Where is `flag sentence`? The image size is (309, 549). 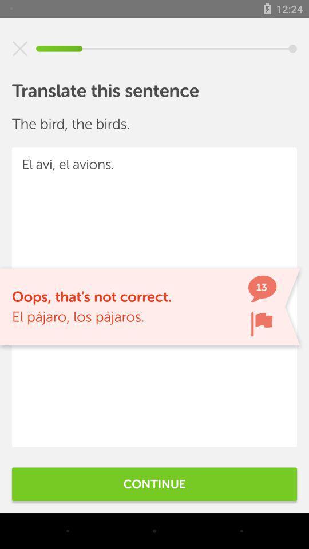
flag sentence is located at coordinates (262, 324).